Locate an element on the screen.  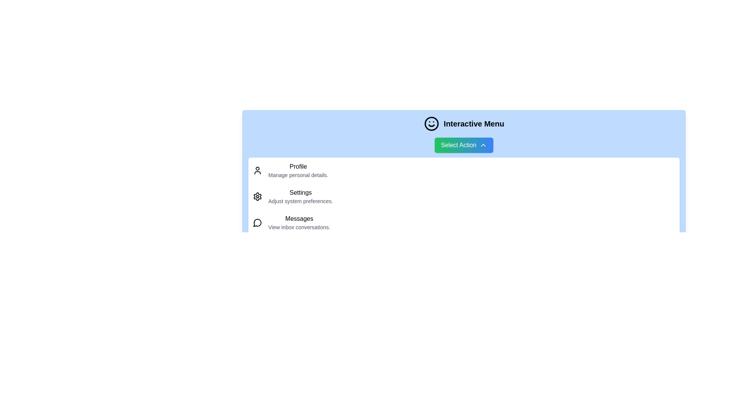
the menu option Settings is located at coordinates (463, 196).